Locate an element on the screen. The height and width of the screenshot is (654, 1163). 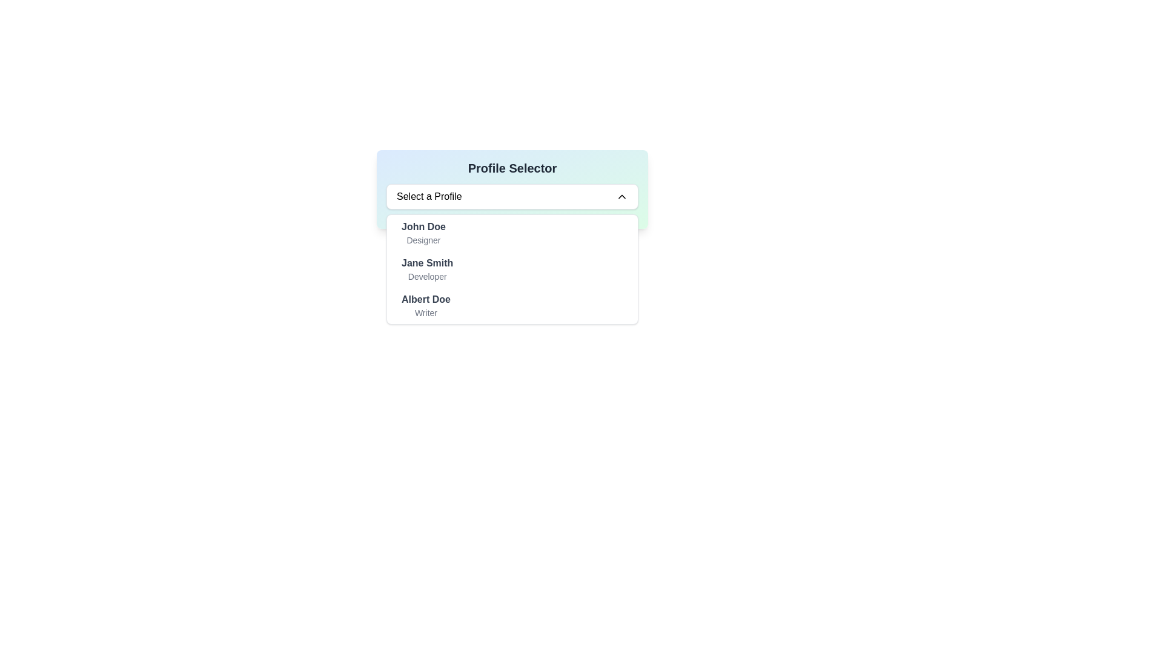
displayed text from the text label that identifies the user profile as 'Jane Smith', located under the 'Profile Selector' dropdown is located at coordinates (427, 263).